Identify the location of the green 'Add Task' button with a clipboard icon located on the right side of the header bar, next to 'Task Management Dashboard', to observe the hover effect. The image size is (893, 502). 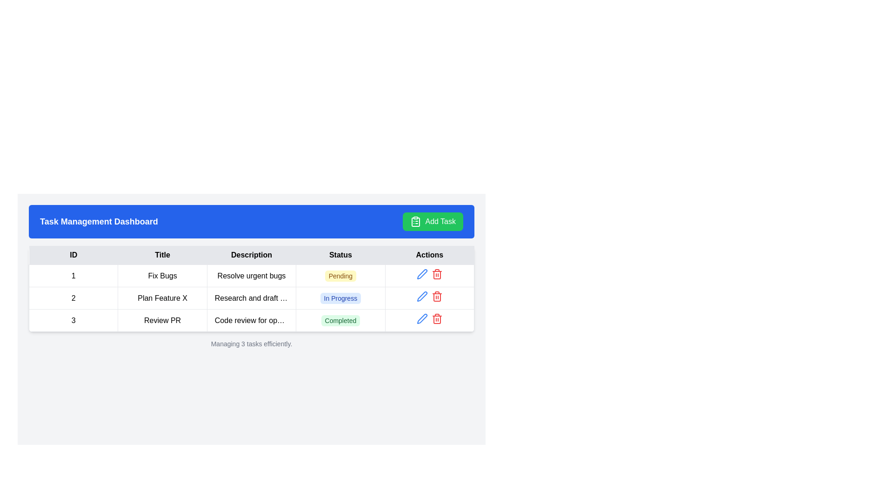
(433, 222).